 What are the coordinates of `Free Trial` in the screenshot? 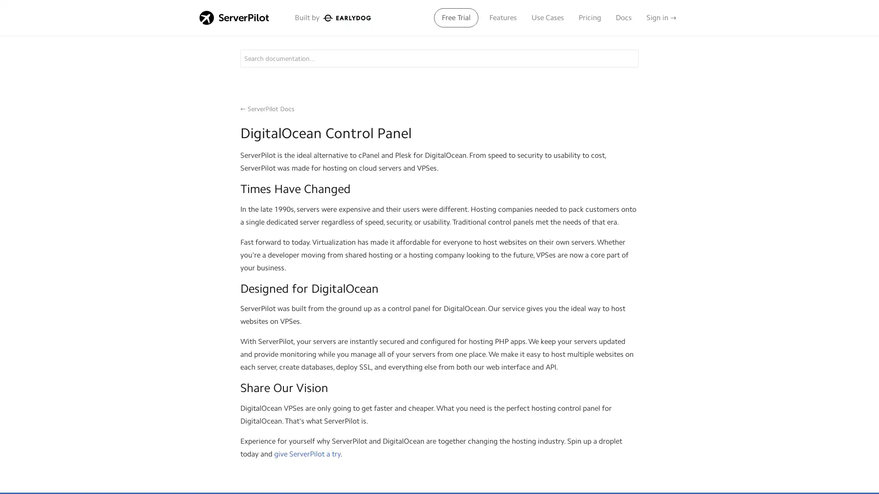 It's located at (456, 17).